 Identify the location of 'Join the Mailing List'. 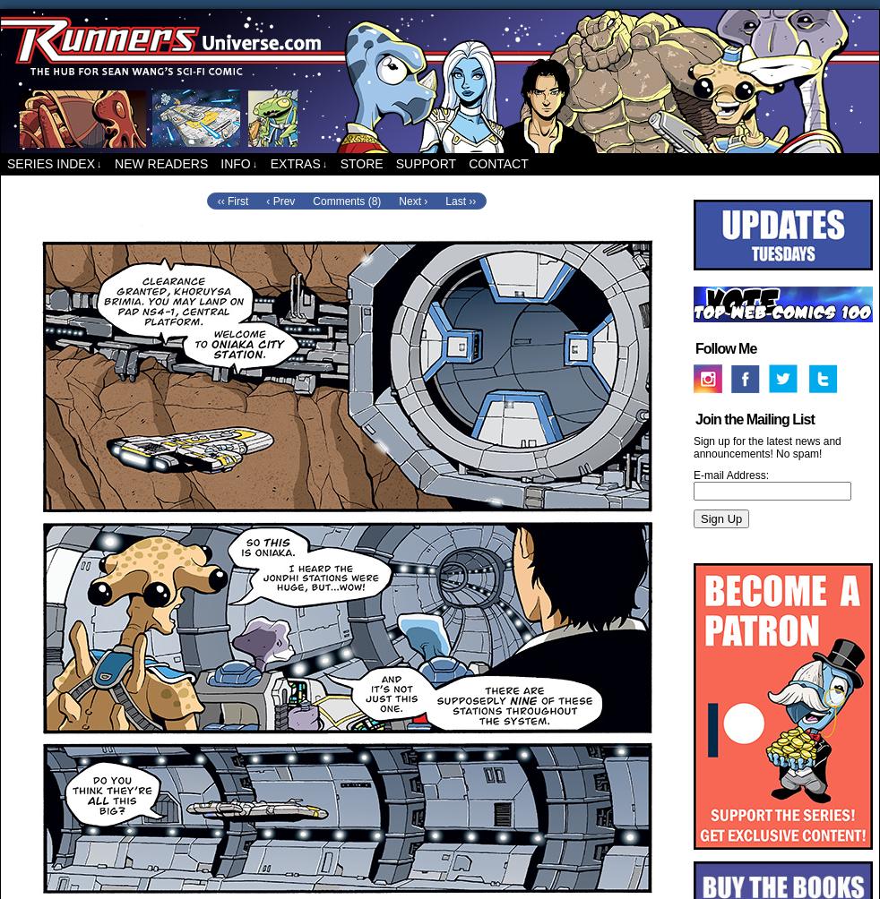
(695, 418).